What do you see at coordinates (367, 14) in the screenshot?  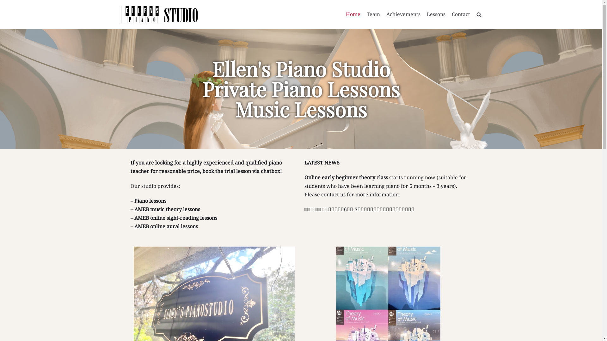 I see `'Team'` at bounding box center [367, 14].